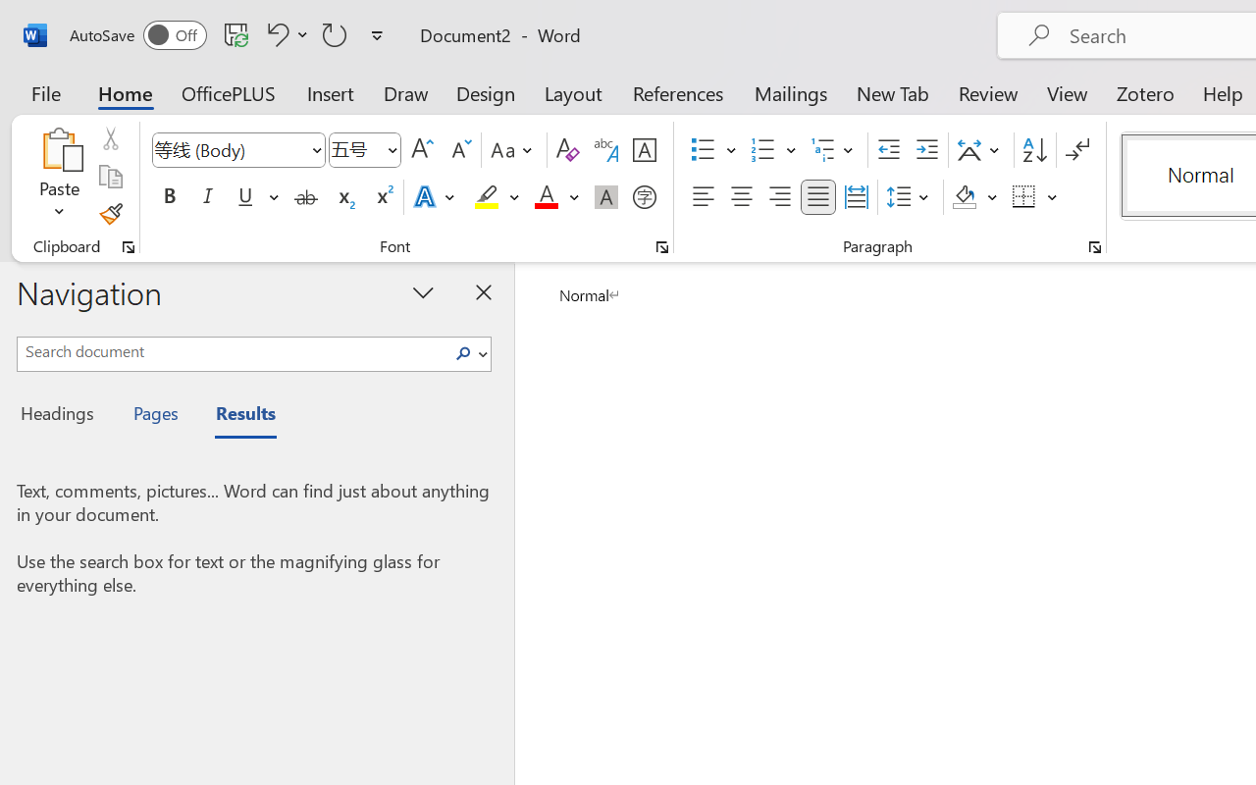  Describe the element at coordinates (64, 416) in the screenshot. I see `'Headings'` at that location.